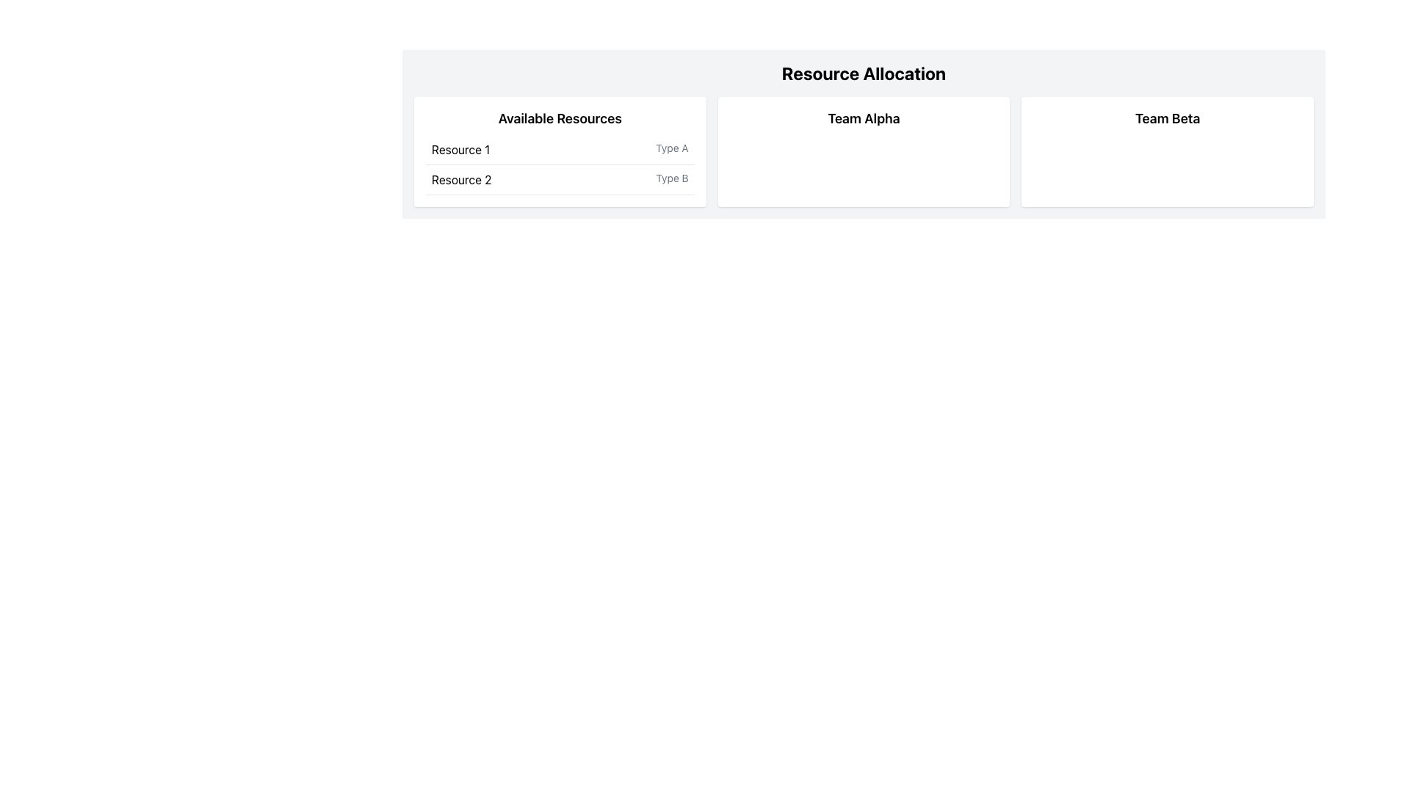  What do you see at coordinates (671, 179) in the screenshot?
I see `the small gray text label containing 'Type B', located to the right of the 'Resource 2' row in the 'Type' column under 'Available Resources'` at bounding box center [671, 179].